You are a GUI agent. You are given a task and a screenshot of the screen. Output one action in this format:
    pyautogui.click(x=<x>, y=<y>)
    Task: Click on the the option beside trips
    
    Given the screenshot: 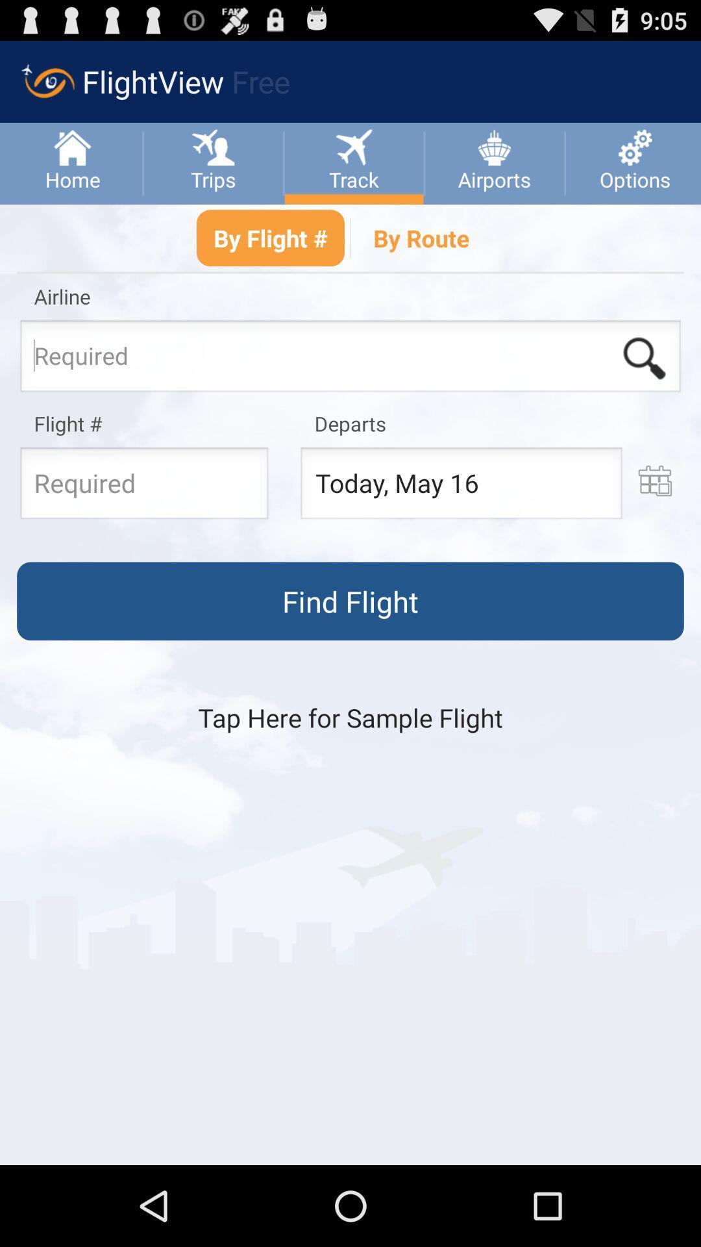 What is the action you would take?
    pyautogui.click(x=353, y=145)
    